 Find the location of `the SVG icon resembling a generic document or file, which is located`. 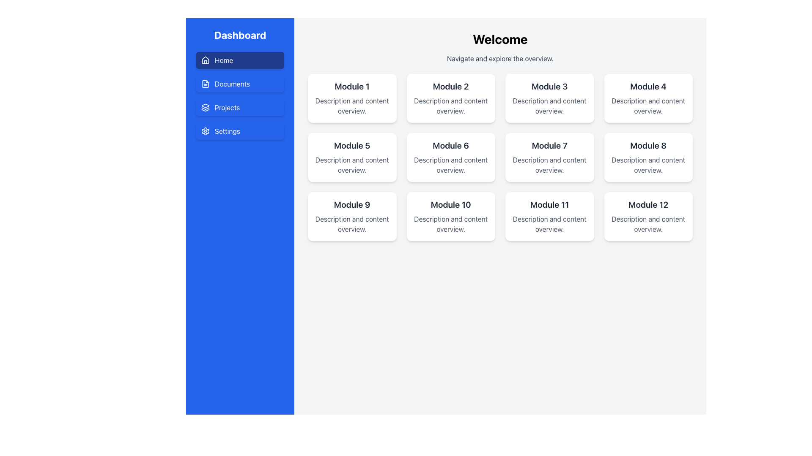

the SVG icon resembling a generic document or file, which is located is located at coordinates (205, 84).